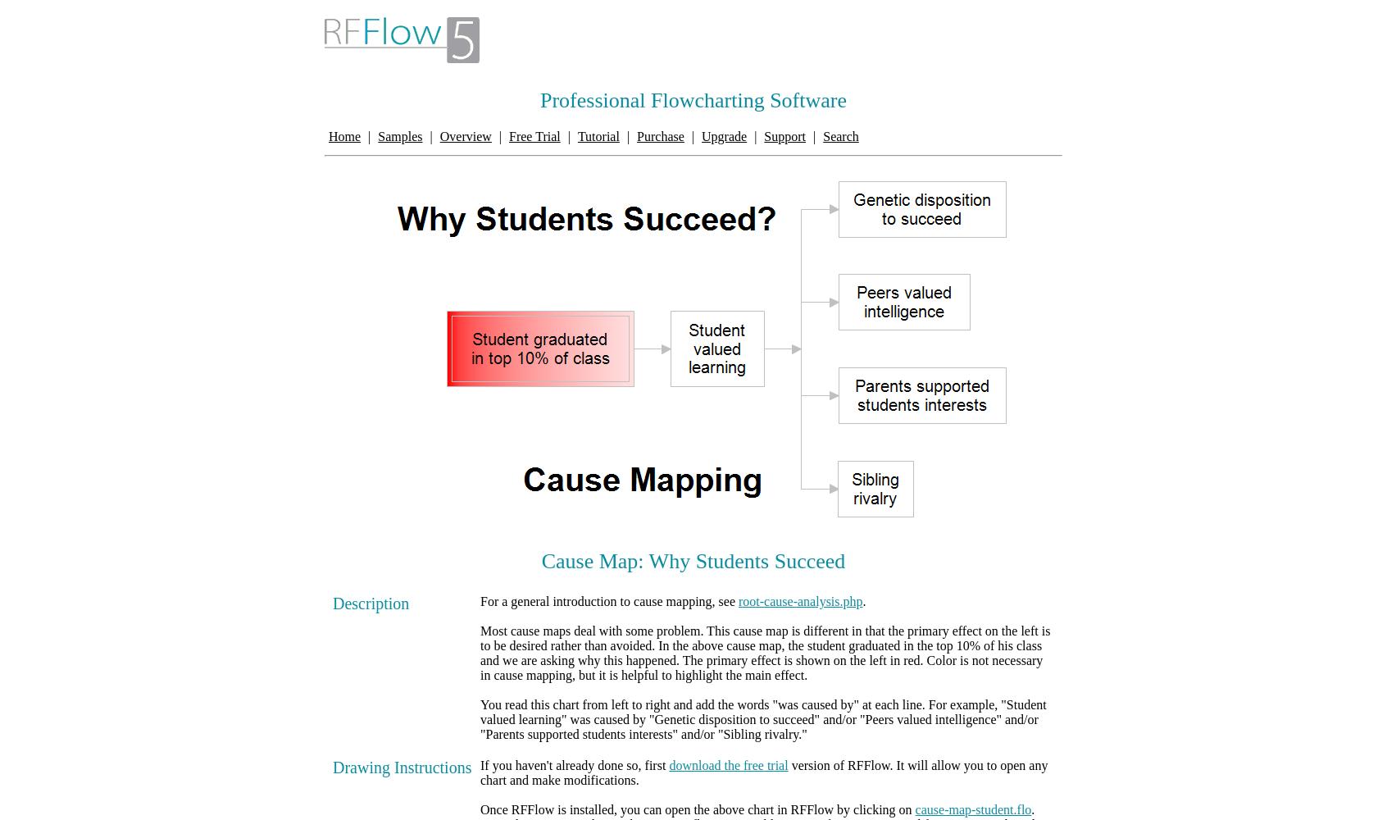 The width and height of the screenshot is (1387, 820). Describe the element at coordinates (344, 136) in the screenshot. I see `'Home'` at that location.